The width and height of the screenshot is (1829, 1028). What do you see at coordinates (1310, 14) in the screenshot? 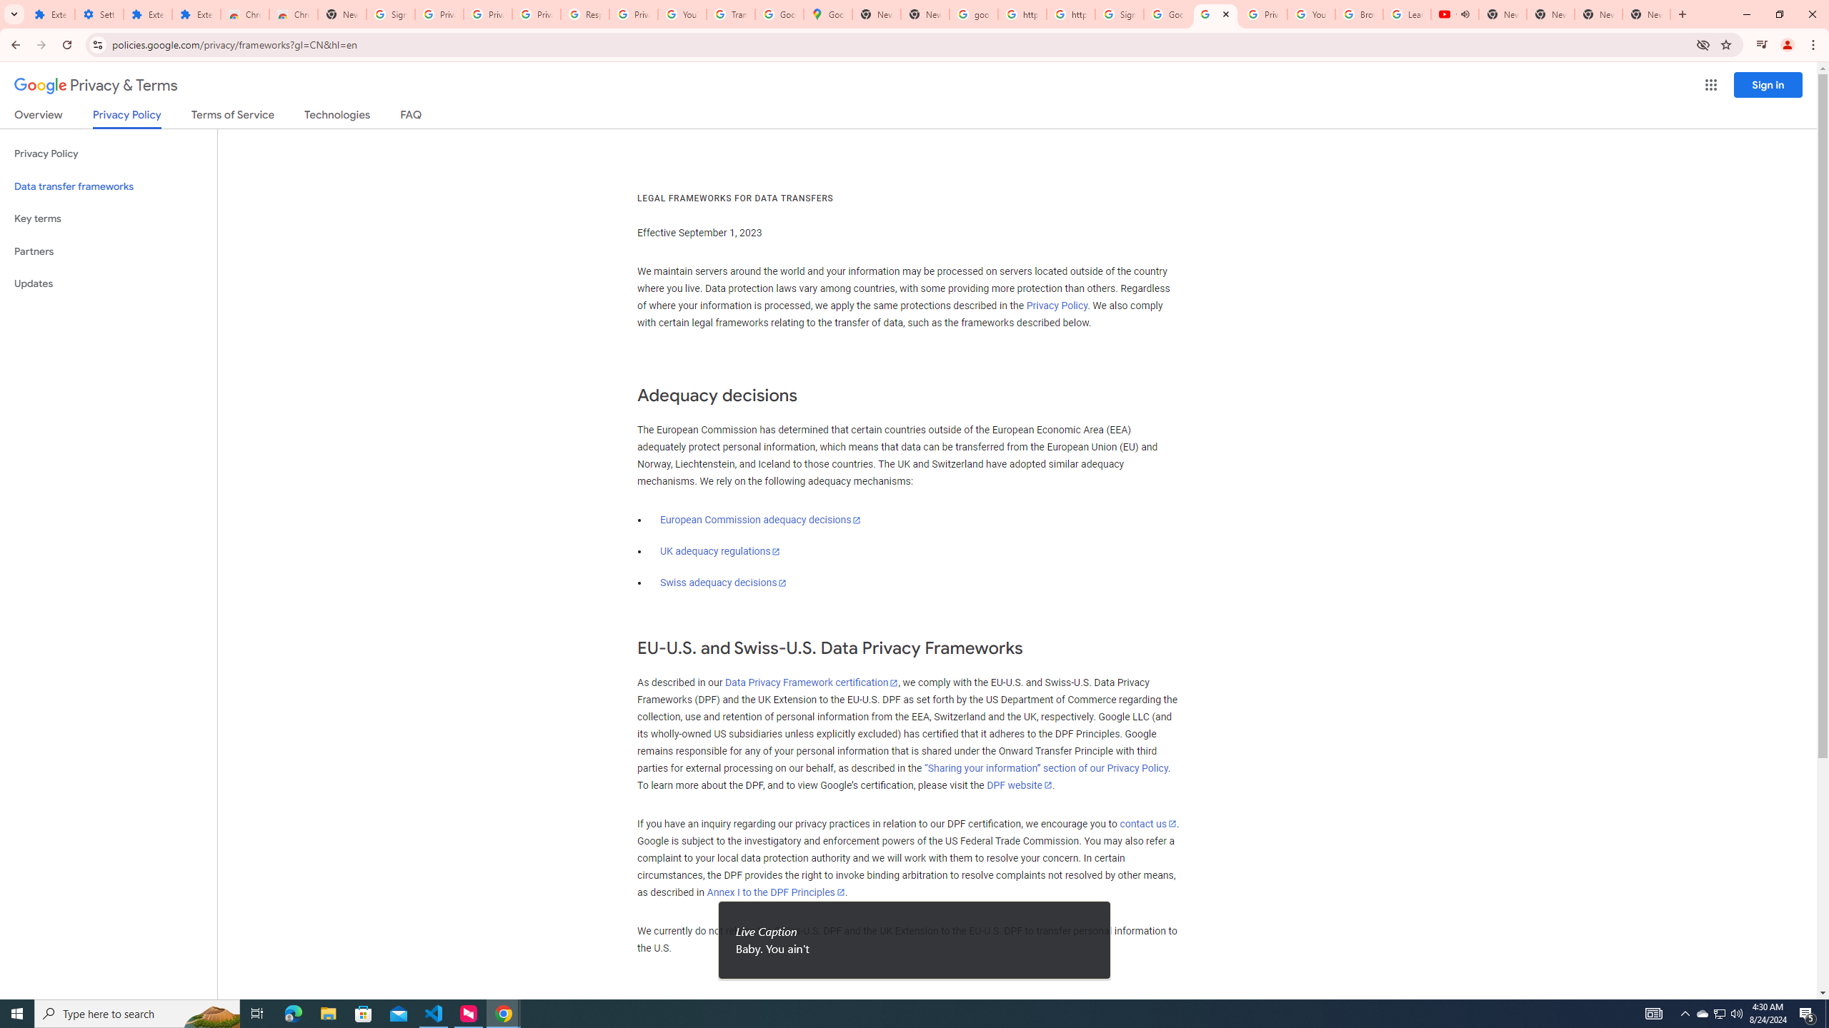
I see `'YouTube'` at bounding box center [1310, 14].